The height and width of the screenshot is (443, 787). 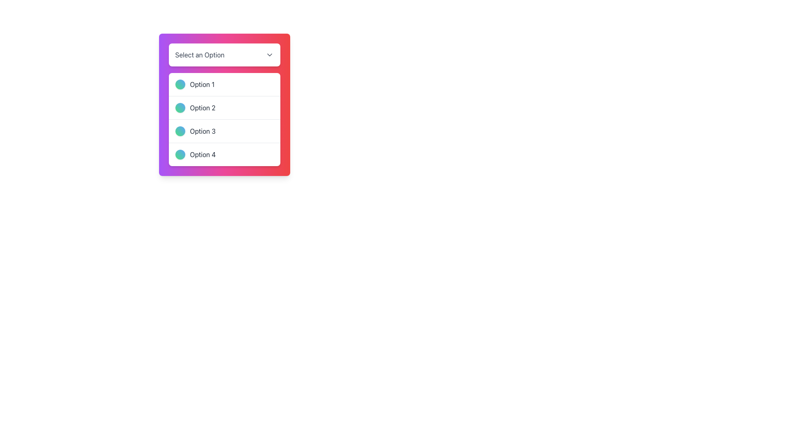 I want to click on the text label 'Option 3' in the dropdown menu, which is the third item in a vertical list located to the right of a circular gradient icon, so click(x=202, y=131).